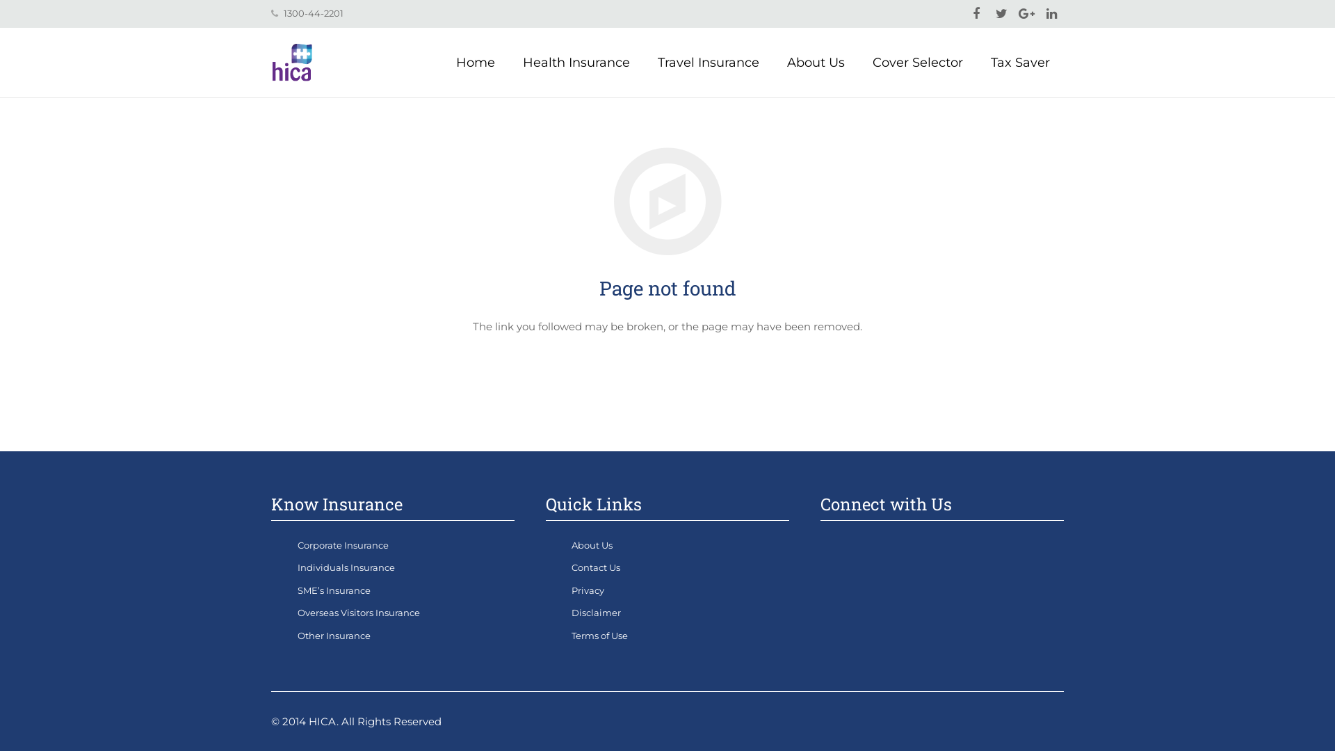  What do you see at coordinates (441, 61) in the screenshot?
I see `'Home'` at bounding box center [441, 61].